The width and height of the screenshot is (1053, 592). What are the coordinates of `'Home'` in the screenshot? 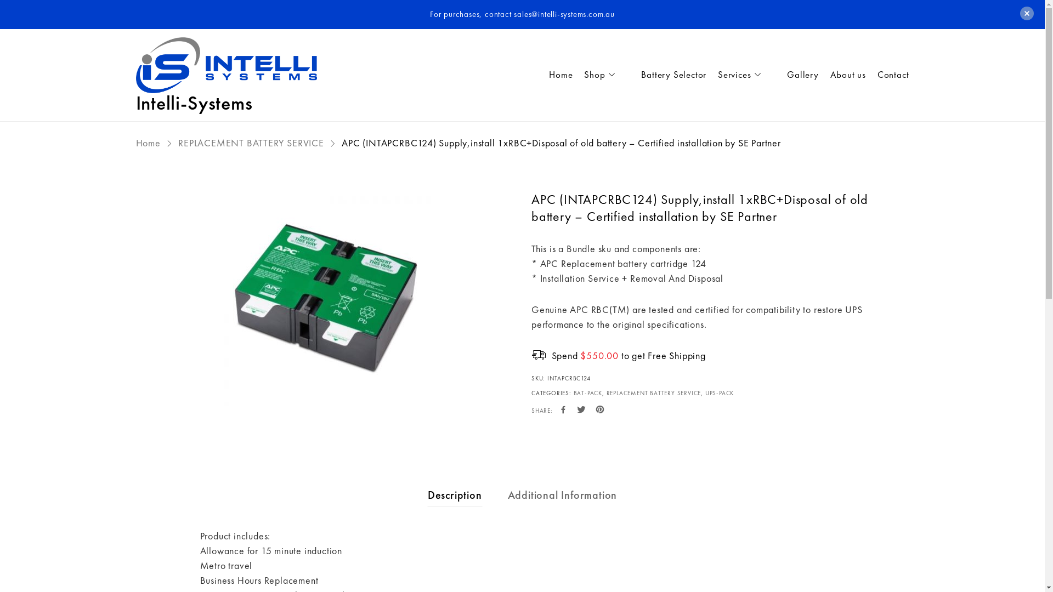 It's located at (555, 75).